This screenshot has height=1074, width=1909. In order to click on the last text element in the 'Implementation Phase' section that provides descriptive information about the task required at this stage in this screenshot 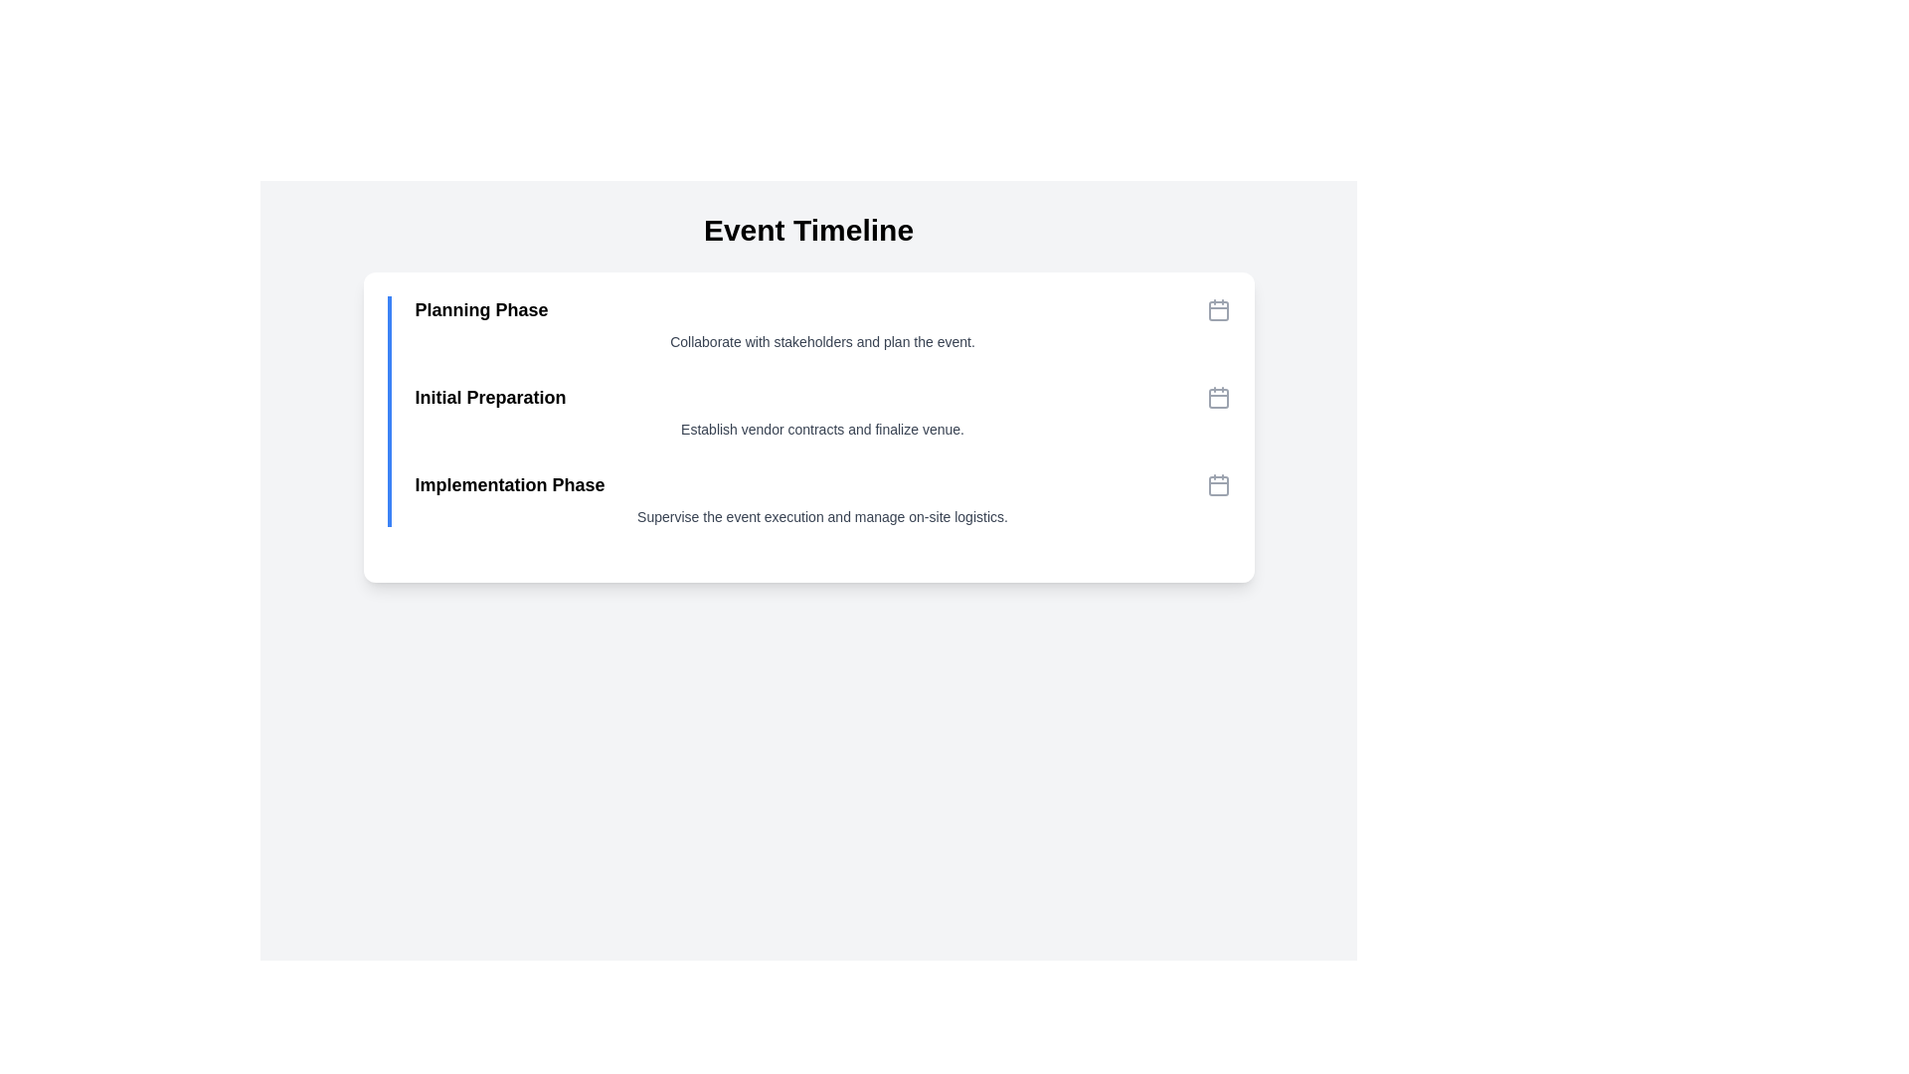, I will do `click(822, 516)`.